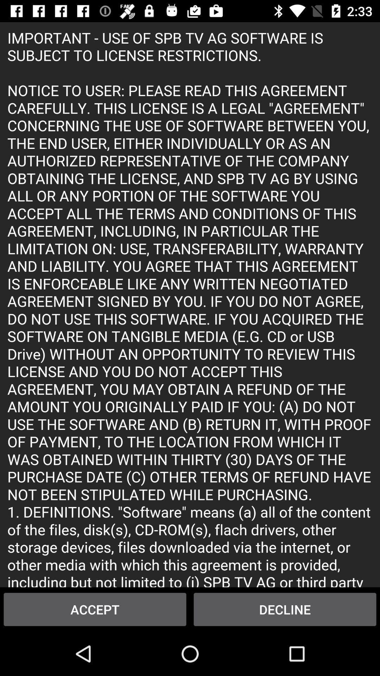  Describe the element at coordinates (190, 305) in the screenshot. I see `the icon at the center` at that location.